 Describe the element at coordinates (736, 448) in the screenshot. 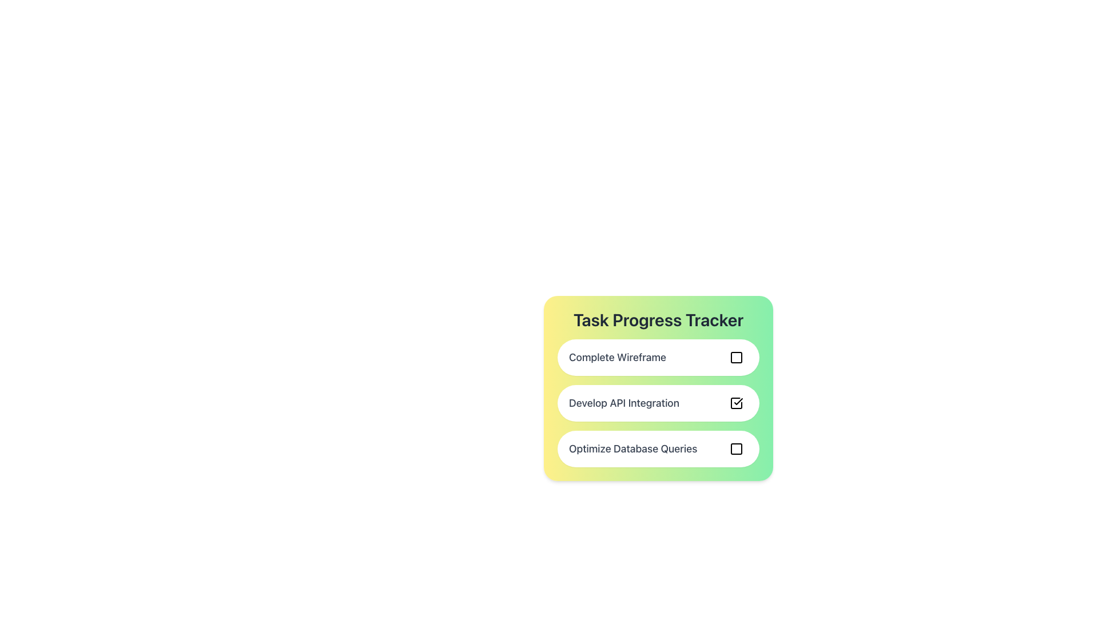

I see `the checkbox icon` at that location.